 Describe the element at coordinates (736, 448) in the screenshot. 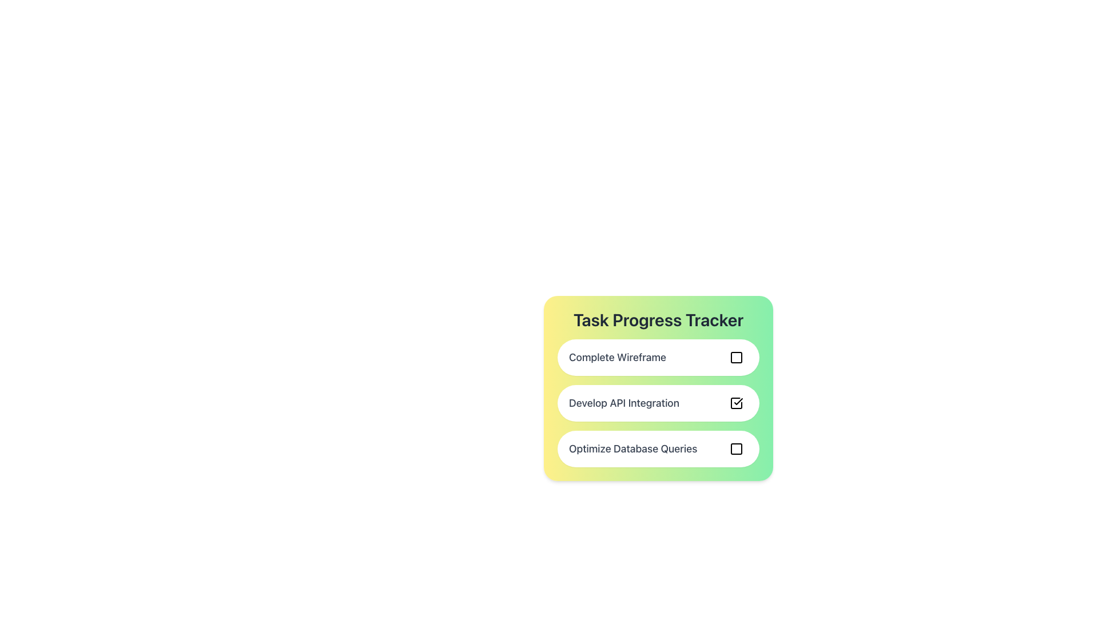

I see `the checkbox icon` at that location.